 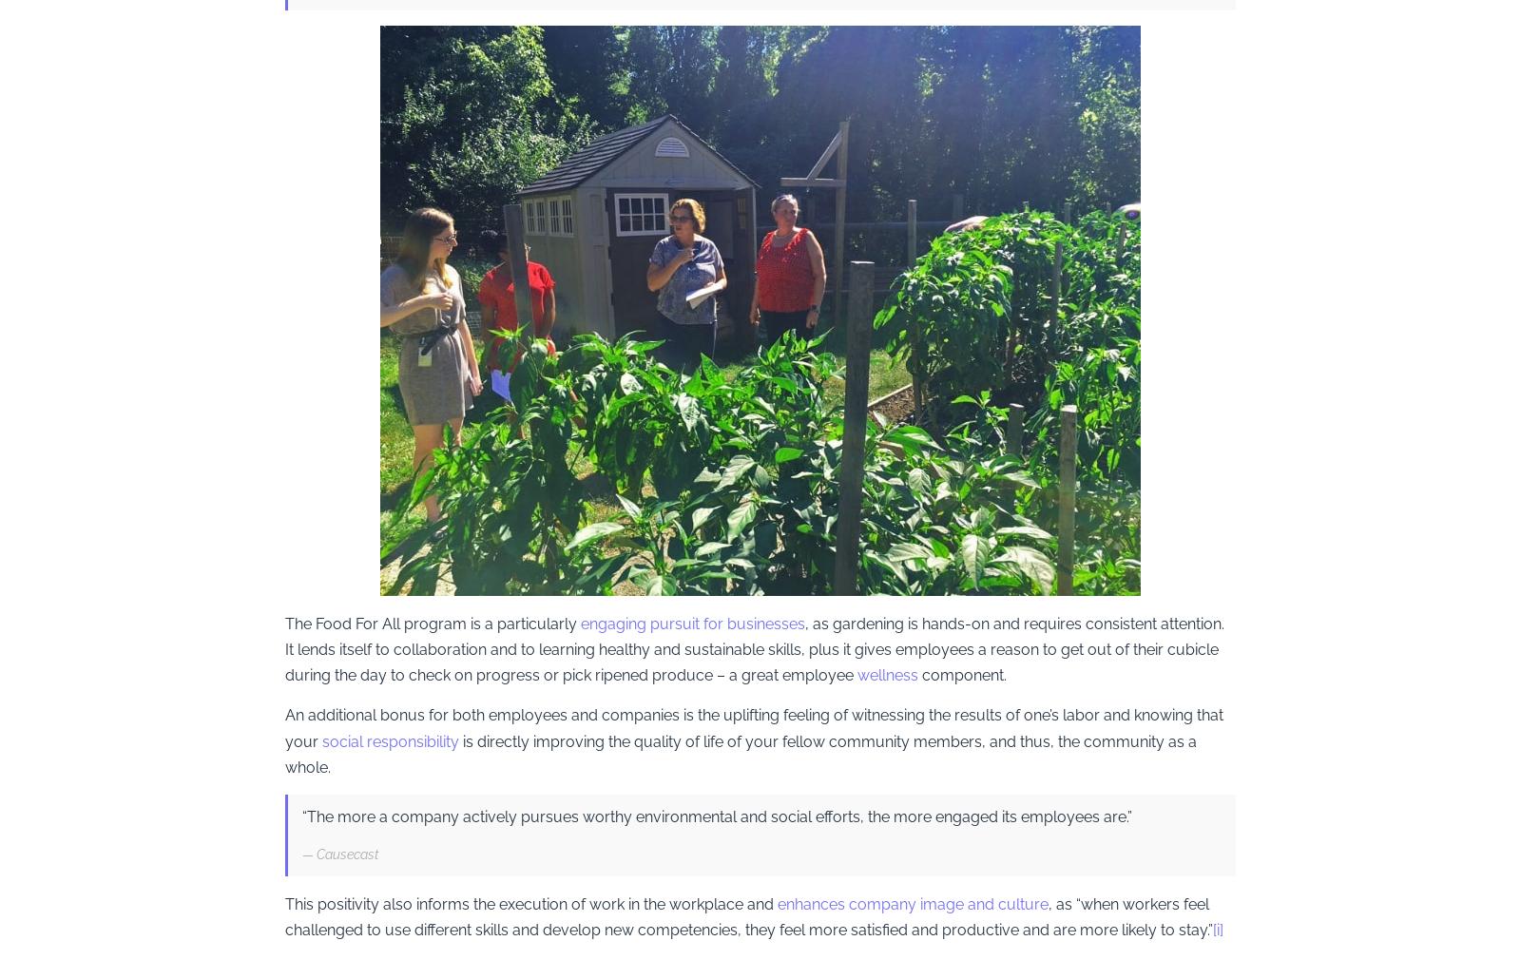 I want to click on ', as gardening is hands-on and requires consistent attention.  It lends itself to collaboration and to learning healthy and sustainable skills, plus it gives employees a reason to get out of their cubicle during the day to check on progress or pick ripened produce – a great employee', so click(x=757, y=647).